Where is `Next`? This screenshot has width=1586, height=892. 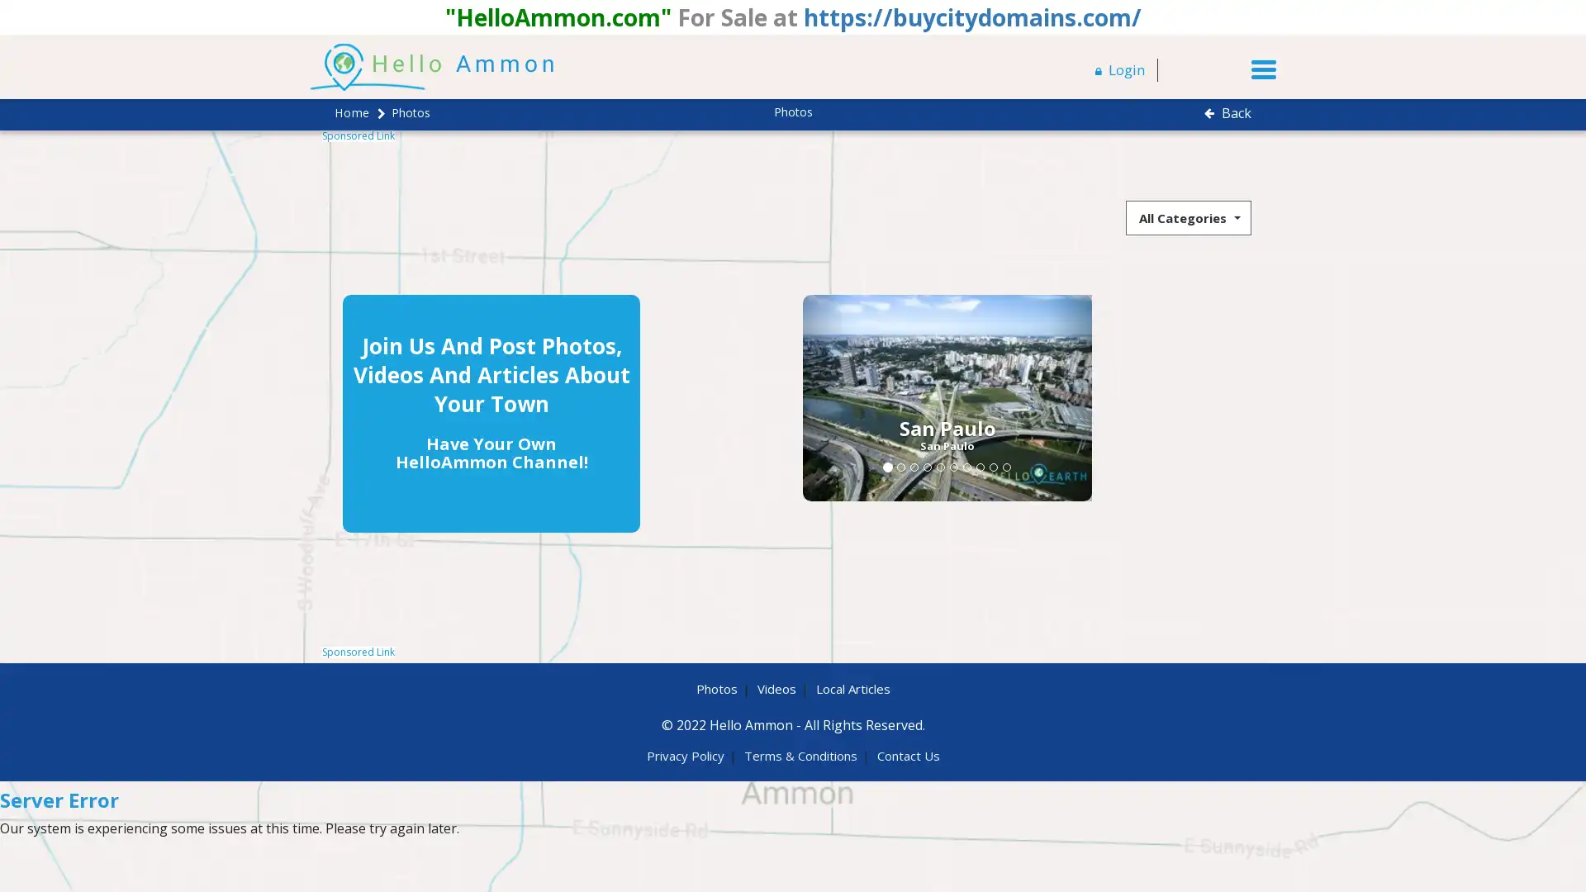
Next is located at coordinates (922, 397).